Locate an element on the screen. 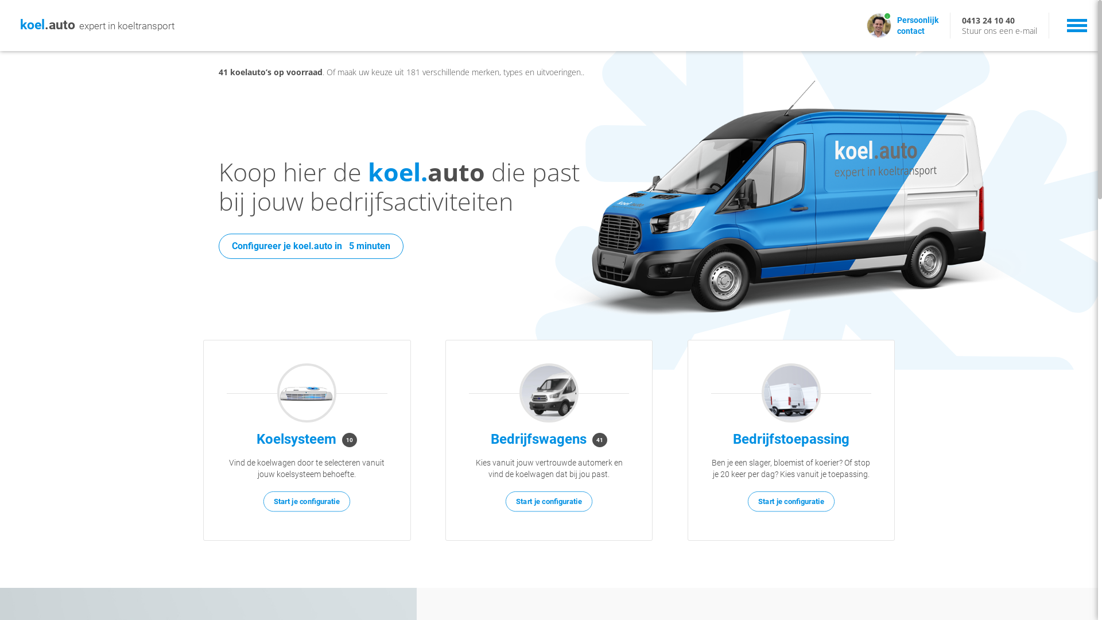  'Configureer je koel.auto in 5 minuten' is located at coordinates (311, 245).